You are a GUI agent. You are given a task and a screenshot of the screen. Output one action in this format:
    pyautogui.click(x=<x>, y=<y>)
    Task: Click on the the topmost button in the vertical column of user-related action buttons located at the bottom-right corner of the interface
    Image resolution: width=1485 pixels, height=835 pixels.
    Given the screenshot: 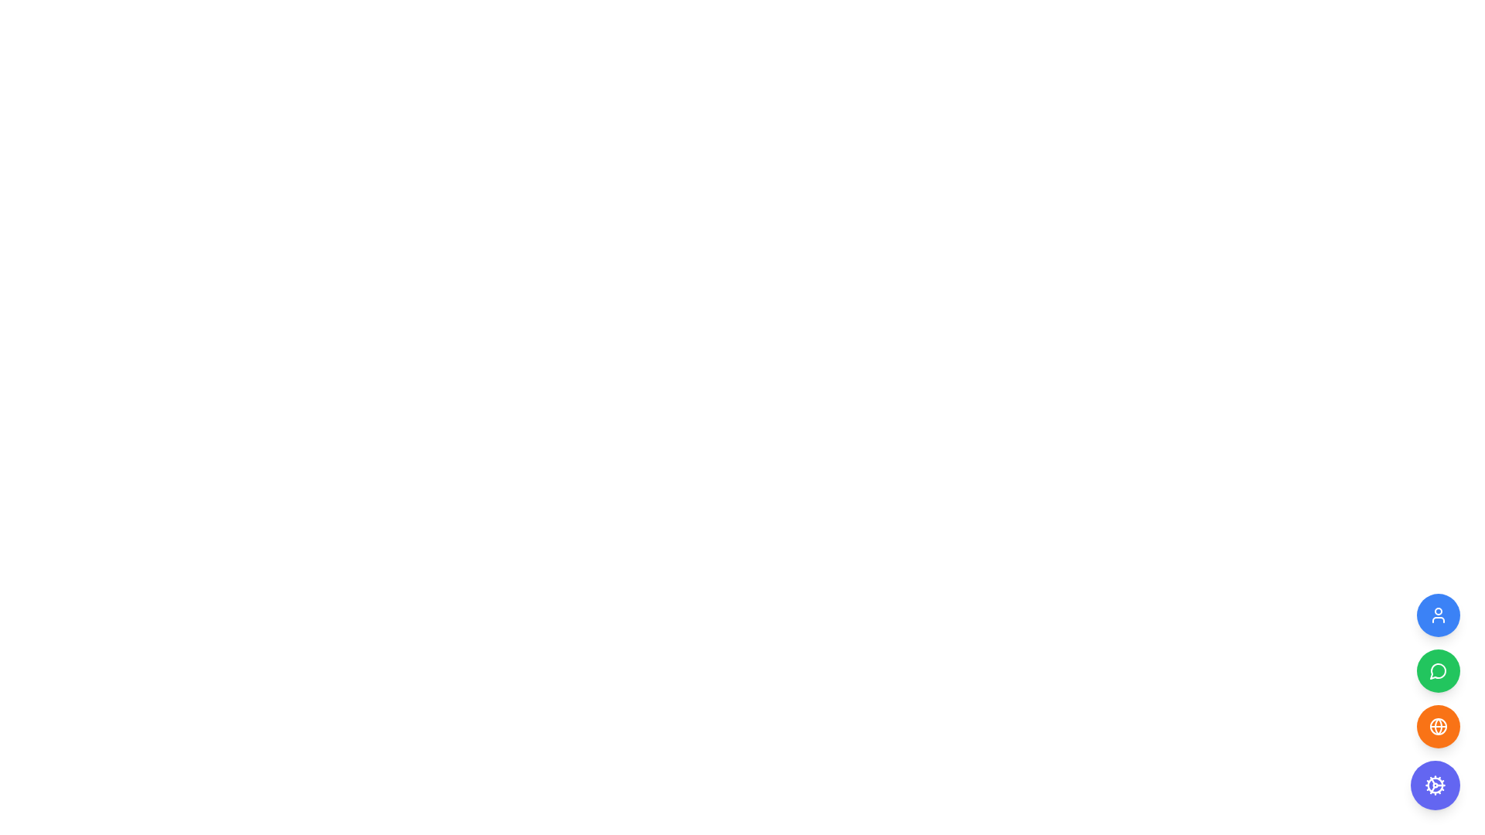 What is the action you would take?
    pyautogui.click(x=1438, y=614)
    